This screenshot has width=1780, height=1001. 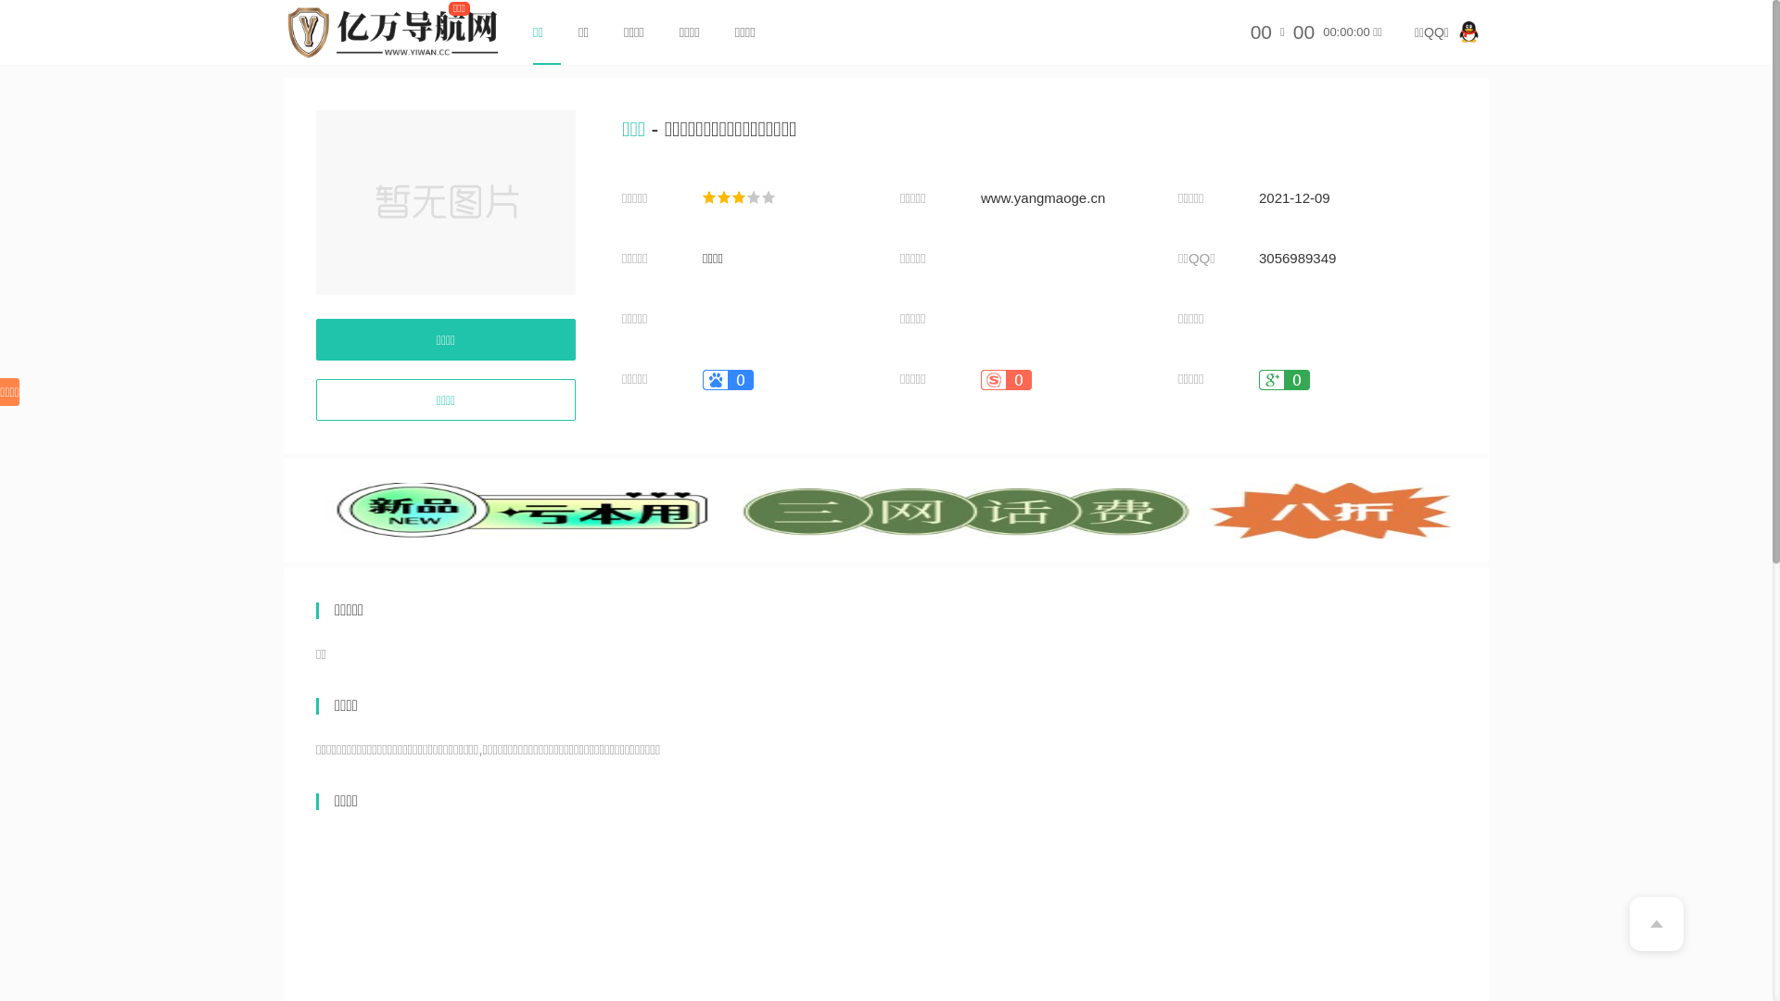 What do you see at coordinates (1296, 258) in the screenshot?
I see `'3056989349'` at bounding box center [1296, 258].